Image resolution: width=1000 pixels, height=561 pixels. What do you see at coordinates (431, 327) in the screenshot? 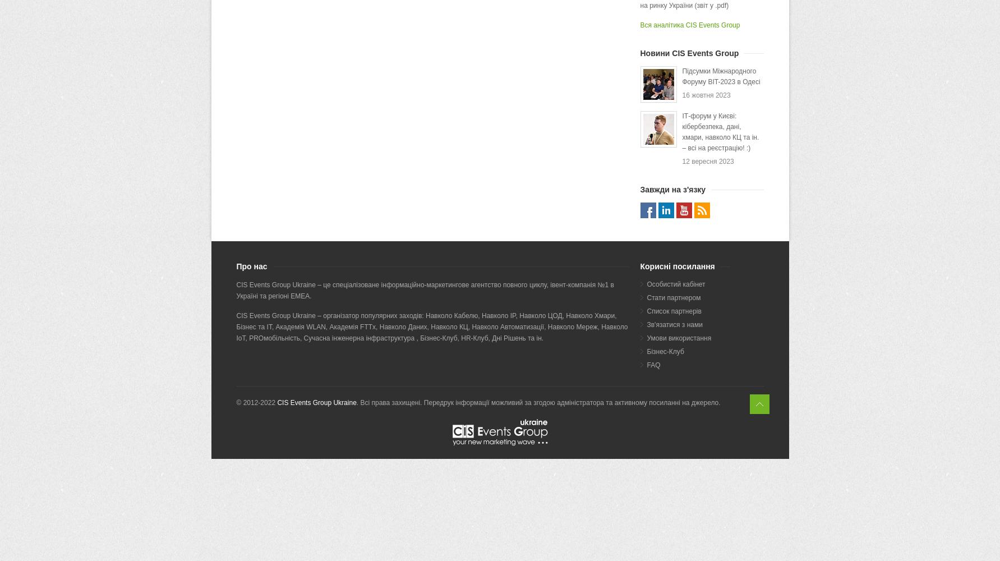
I see `'CIS Events Group Ukraine – організатор популярних заходів: Навколо Кабелю, Навколо IP, Навколо ЦОД, Навколо Хмари, Бізнес та ІТ, Академія WLAN, Академія FTTx, Навколо Даних, Навколо КЦ, Навколо Автоматизації, Навколо Мереж, Навколо IoT, PROмобільність, Сучасна інженерна інфраструктура , Бізнес-Клуб, HR-Клуб, Дні Рішень та ін.'` at bounding box center [431, 327].